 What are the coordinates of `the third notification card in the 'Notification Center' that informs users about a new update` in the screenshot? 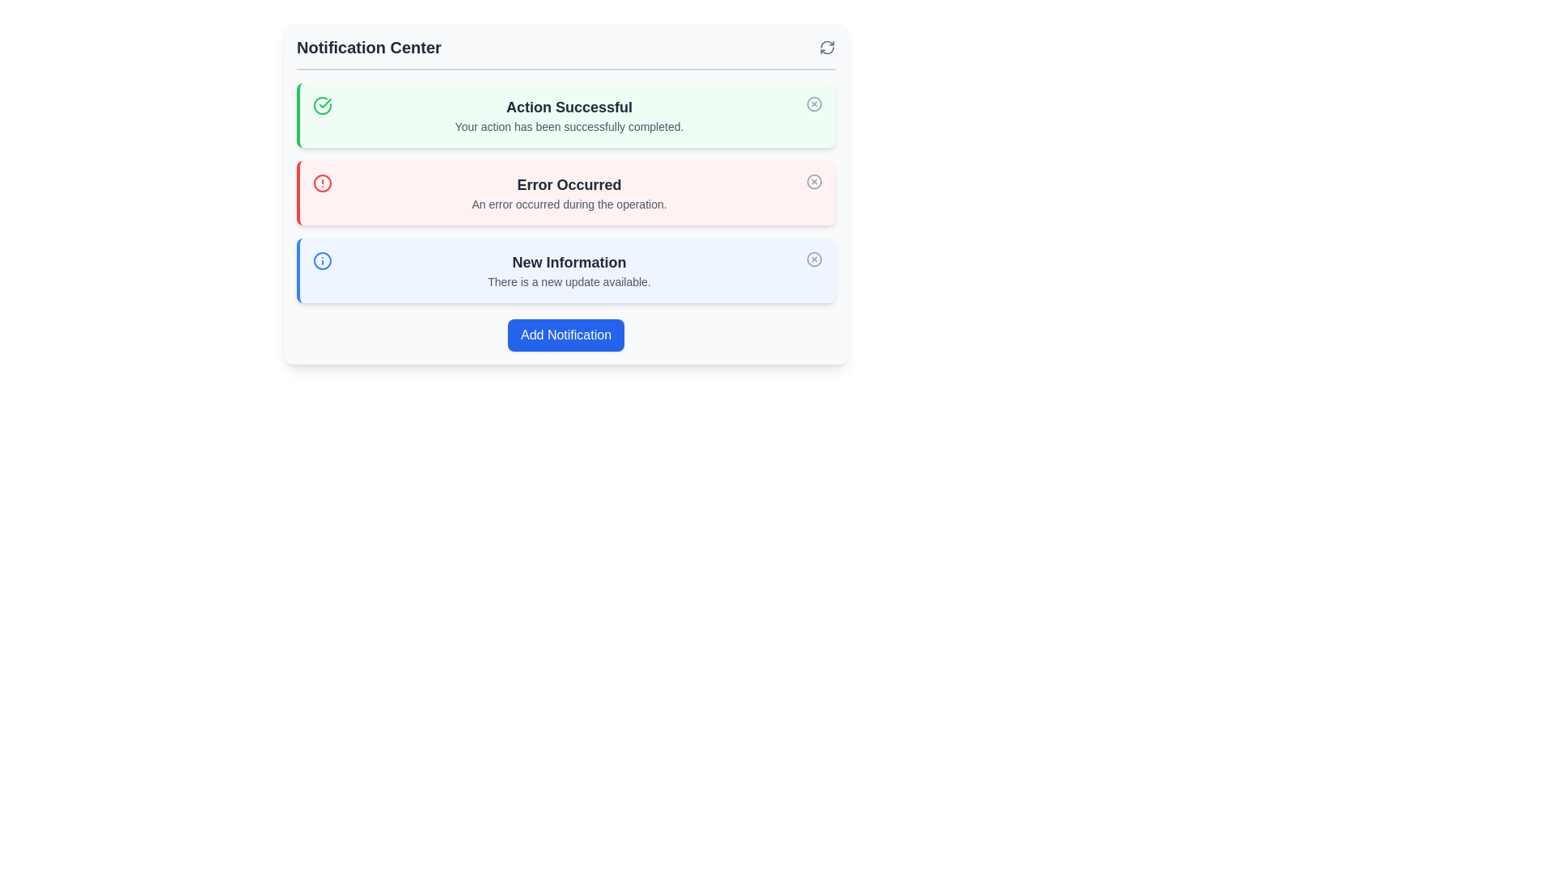 It's located at (566, 270).